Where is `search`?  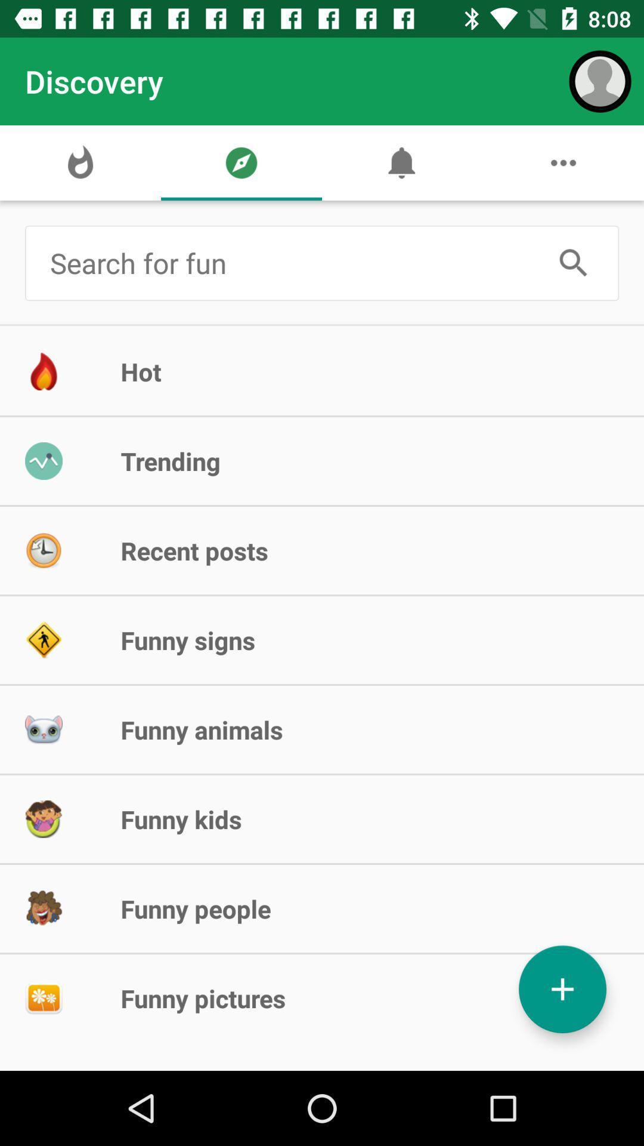
search is located at coordinates (573, 263).